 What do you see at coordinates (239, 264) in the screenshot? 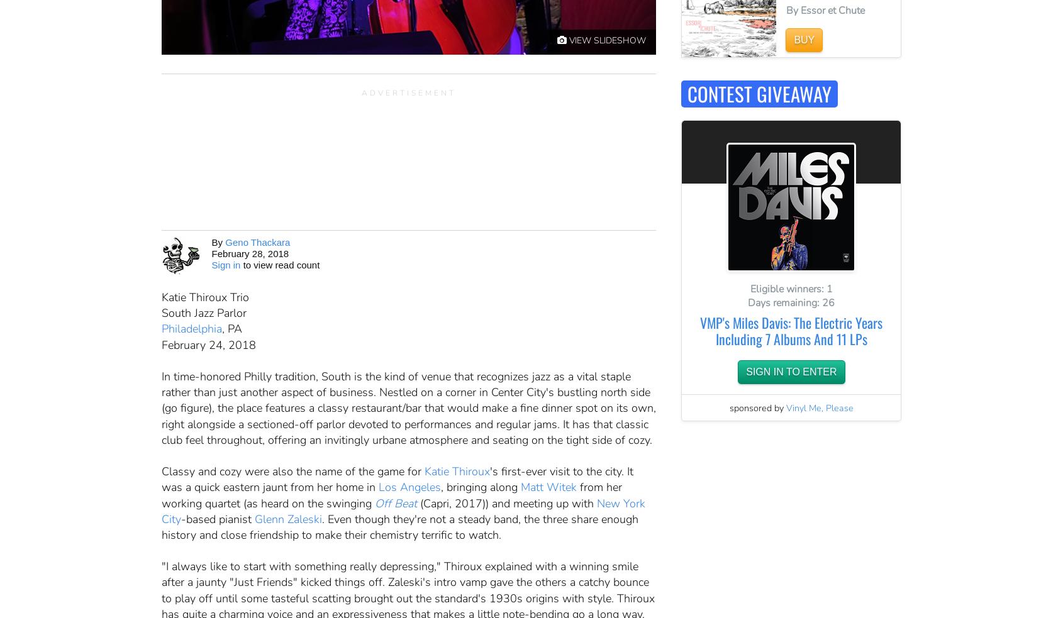
I see `'to view read count'` at bounding box center [239, 264].